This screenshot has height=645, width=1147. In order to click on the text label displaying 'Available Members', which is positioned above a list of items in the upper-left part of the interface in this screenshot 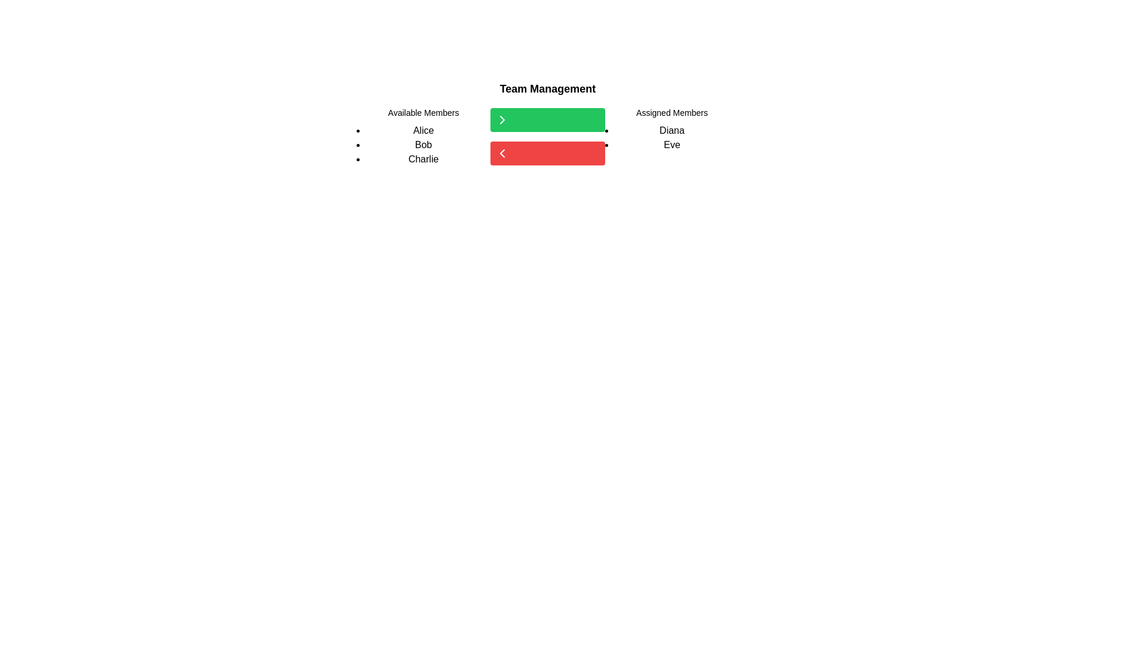, I will do `click(424, 113)`.